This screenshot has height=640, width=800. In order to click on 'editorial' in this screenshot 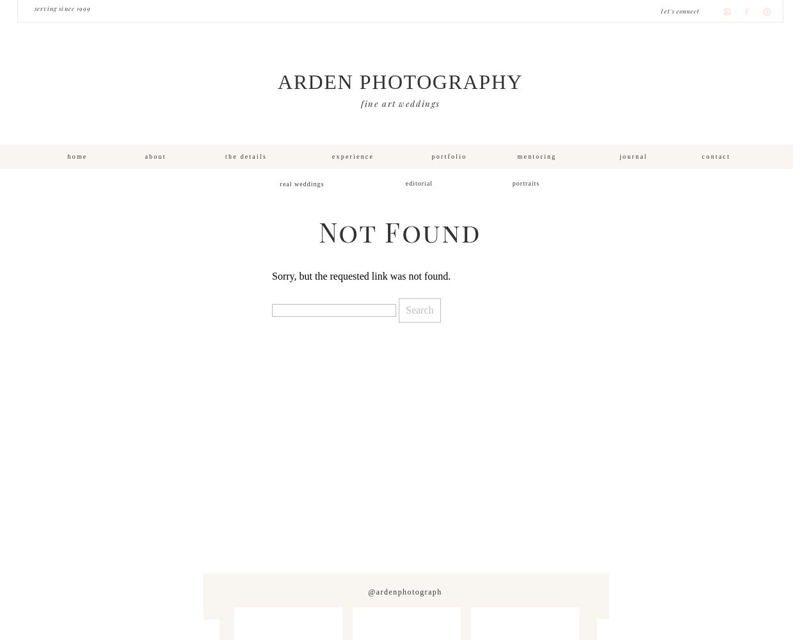, I will do `click(405, 183)`.